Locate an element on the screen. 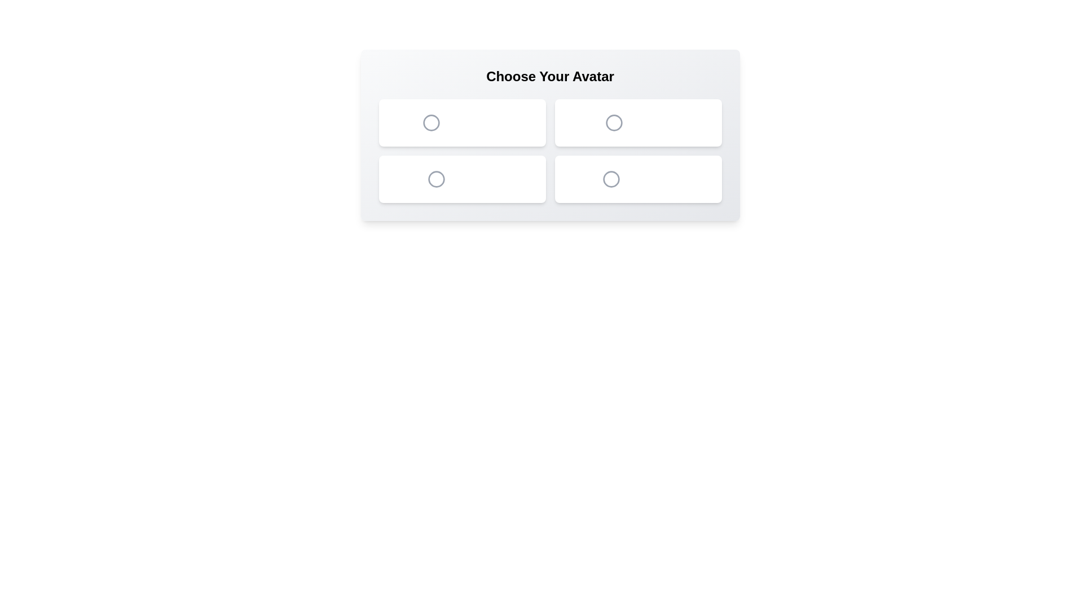  the icon on the left side of the 'Adventurer' selection box is located at coordinates (431, 123).